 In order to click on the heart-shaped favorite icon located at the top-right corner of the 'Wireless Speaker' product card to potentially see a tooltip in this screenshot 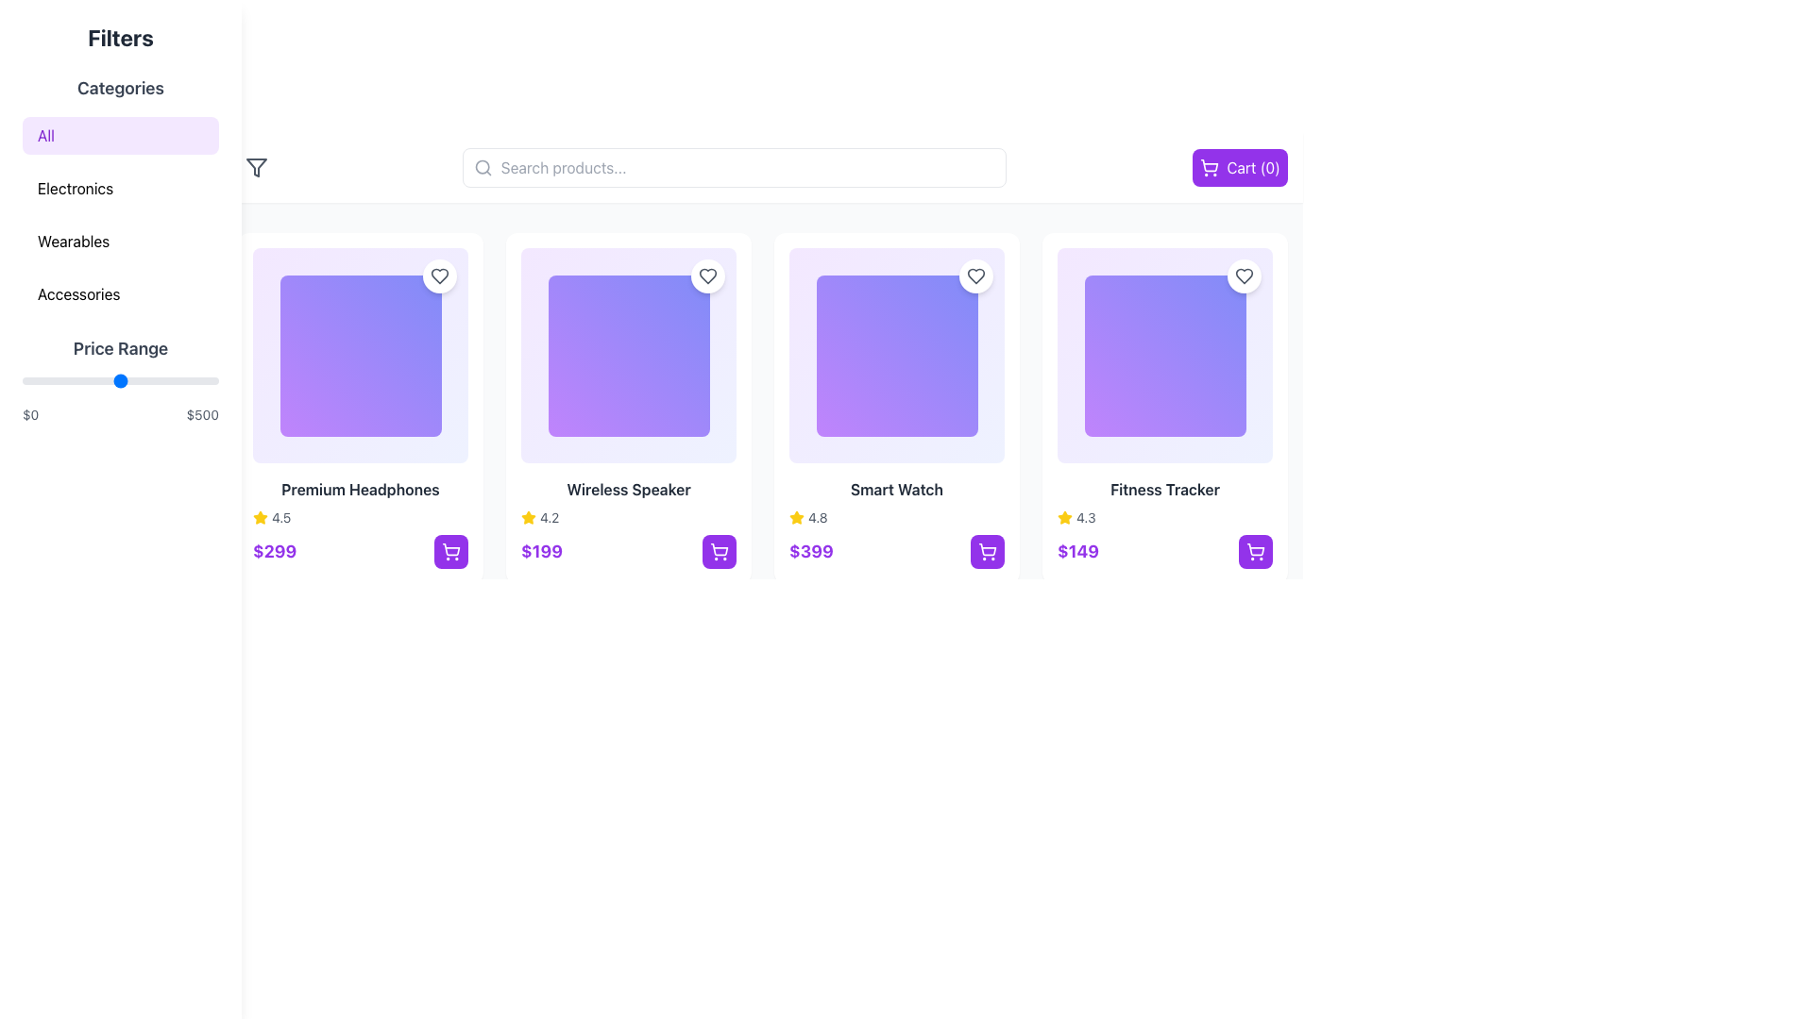, I will do `click(438, 276)`.